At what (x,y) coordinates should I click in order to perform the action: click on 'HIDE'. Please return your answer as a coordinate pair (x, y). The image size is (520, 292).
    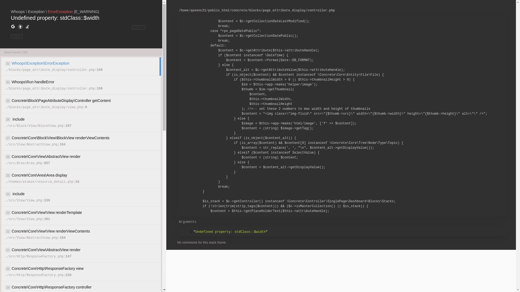
    Looking at the image, I should click on (17, 36).